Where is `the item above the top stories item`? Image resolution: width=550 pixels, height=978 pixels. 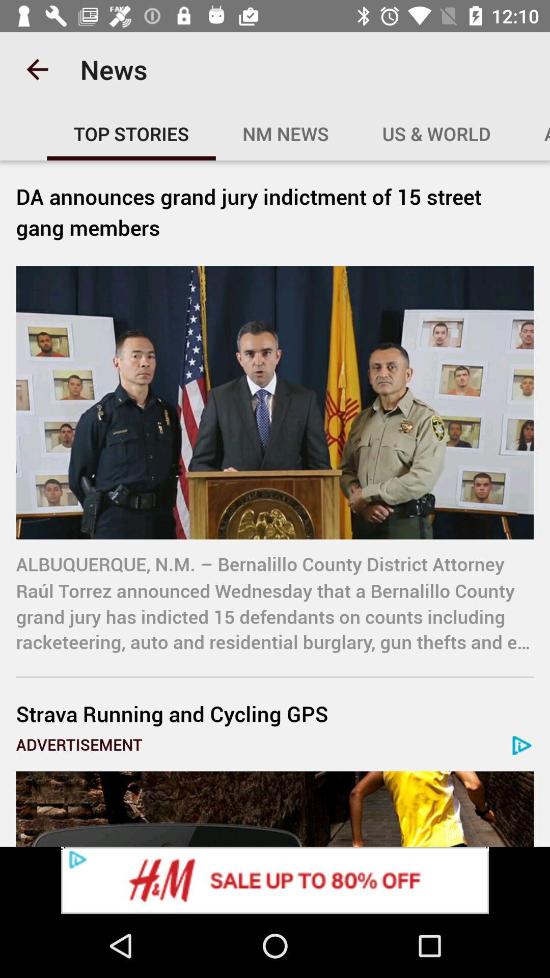
the item above the top stories item is located at coordinates (37, 69).